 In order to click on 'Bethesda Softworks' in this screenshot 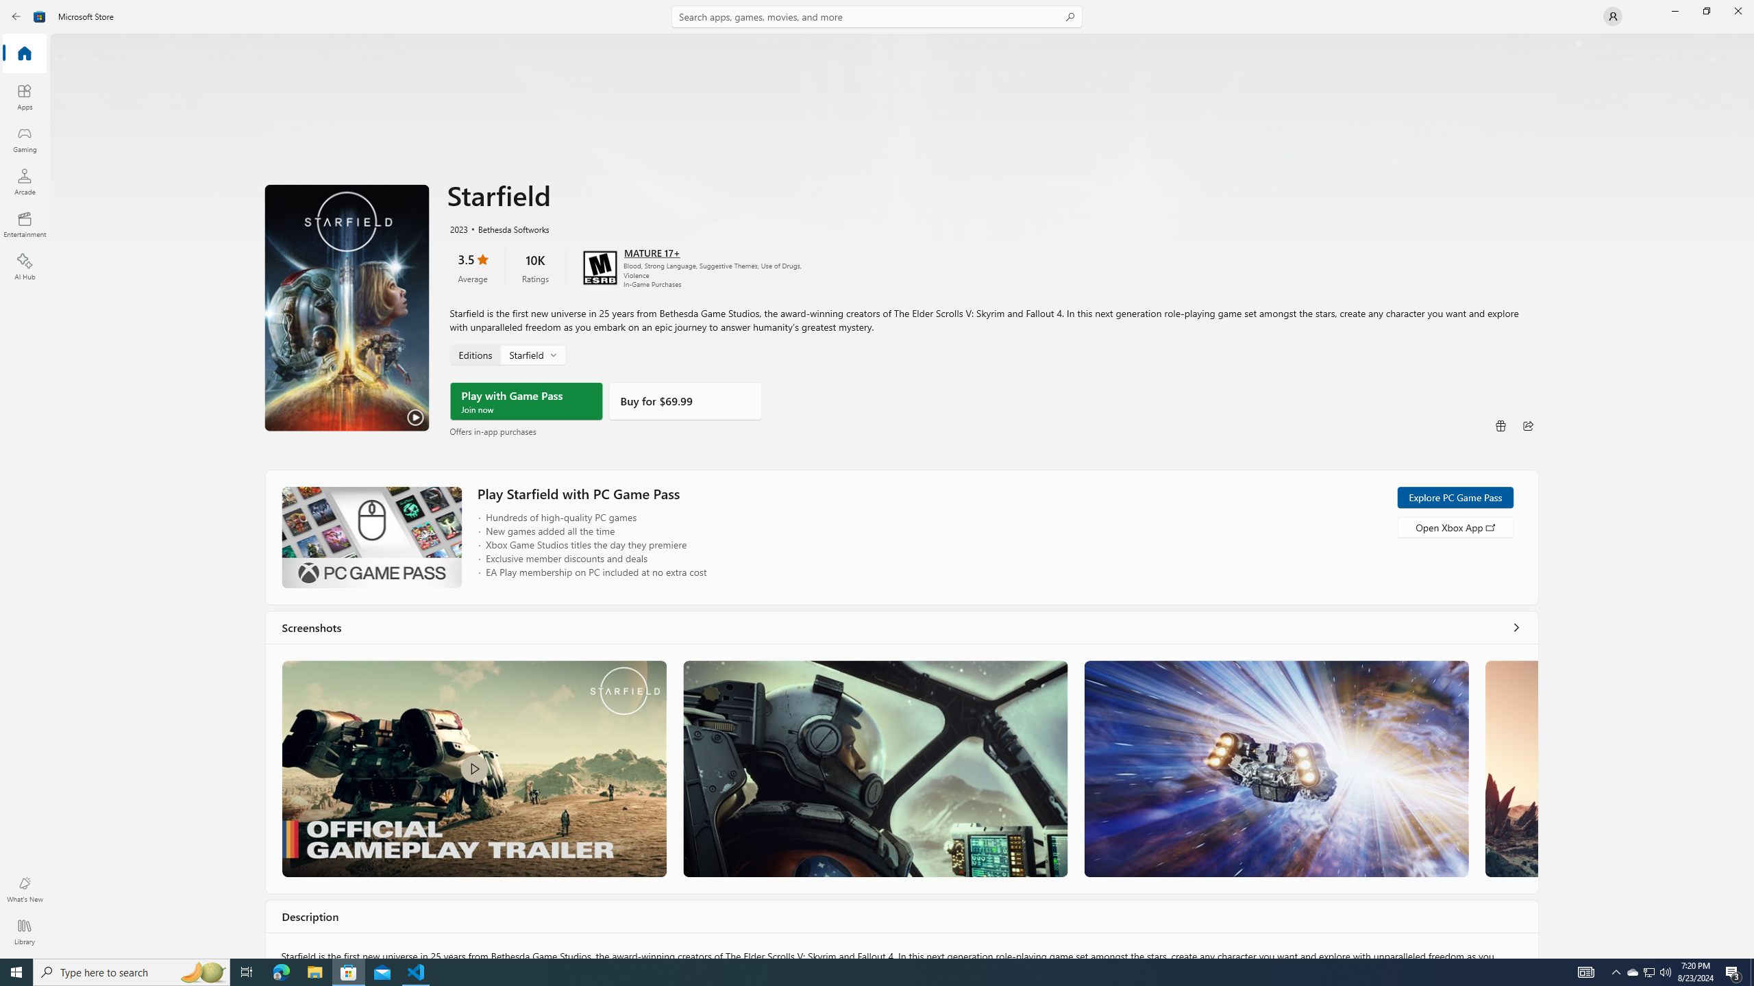, I will do `click(506, 228)`.